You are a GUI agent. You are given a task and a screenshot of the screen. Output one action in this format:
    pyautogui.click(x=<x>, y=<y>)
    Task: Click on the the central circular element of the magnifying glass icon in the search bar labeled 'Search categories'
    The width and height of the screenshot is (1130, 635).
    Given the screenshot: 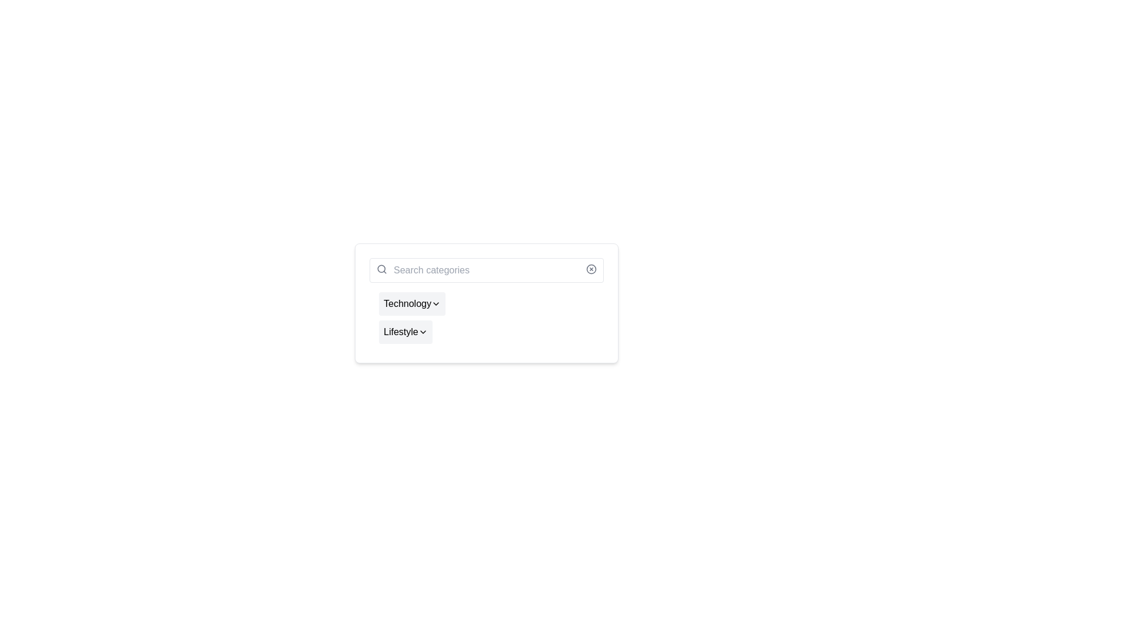 What is the action you would take?
    pyautogui.click(x=381, y=269)
    